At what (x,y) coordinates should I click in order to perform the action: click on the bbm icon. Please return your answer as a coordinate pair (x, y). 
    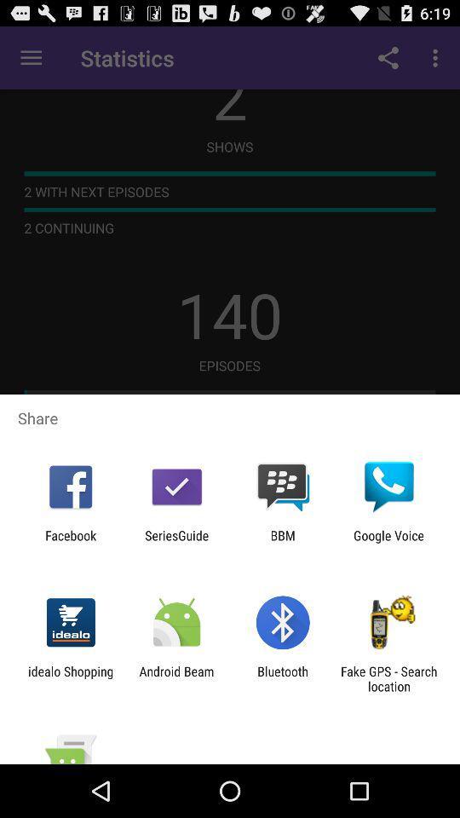
    Looking at the image, I should click on (283, 542).